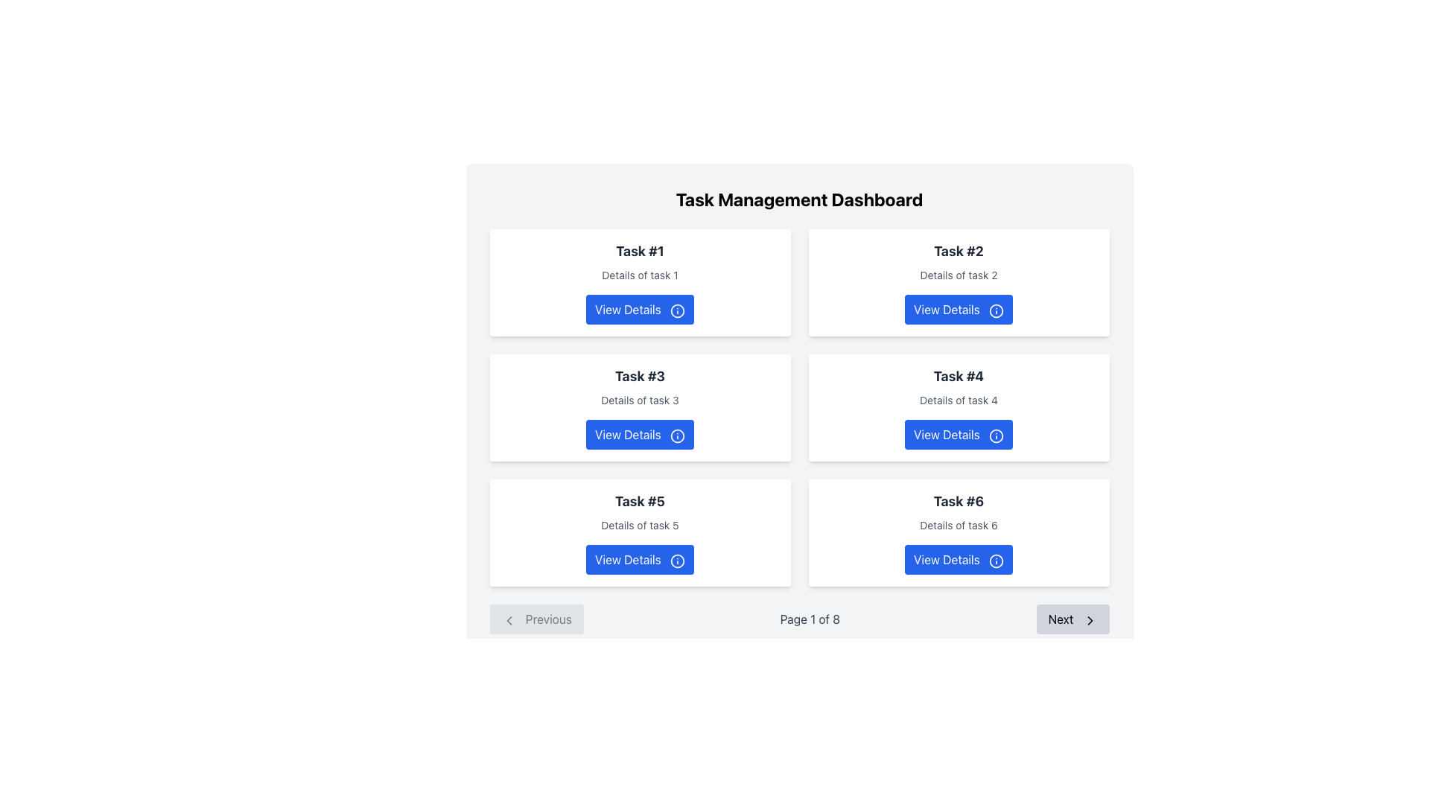 Image resolution: width=1430 pixels, height=804 pixels. I want to click on the non-interactive pagination information text label located between the 'Previous' and 'Next' buttons in the horizontal navigation bar at the bottom of the interface, so click(809, 619).